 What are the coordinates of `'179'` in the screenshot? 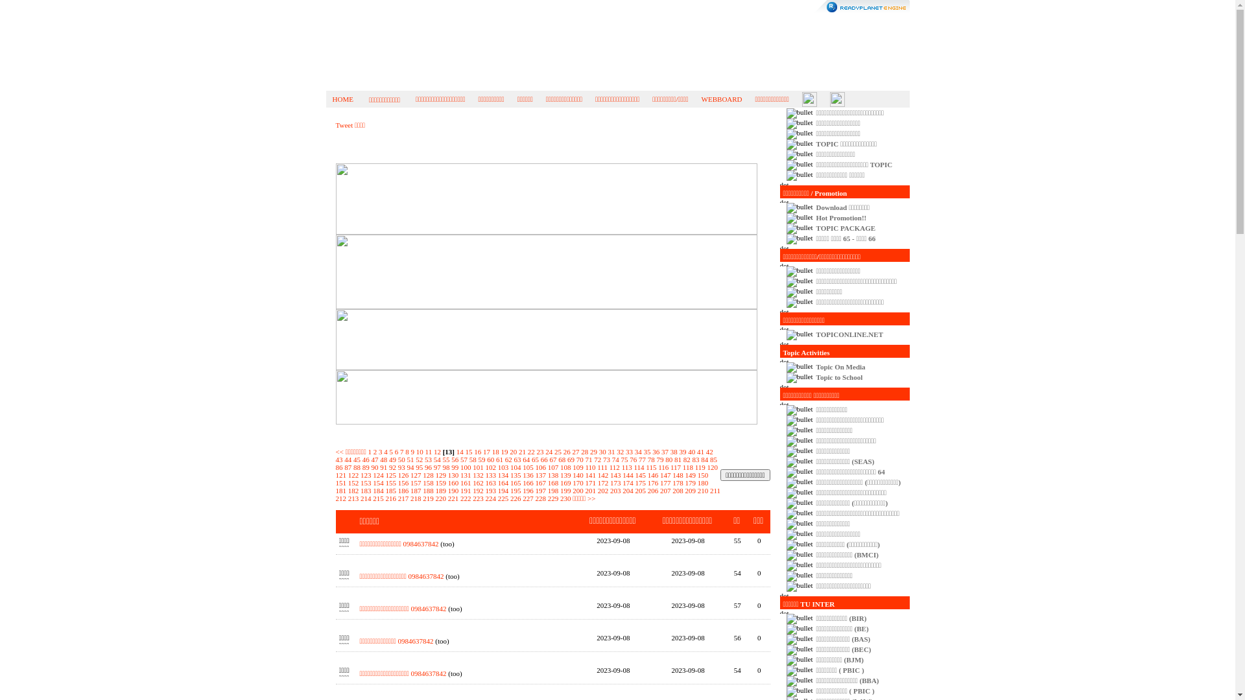 It's located at (689, 482).